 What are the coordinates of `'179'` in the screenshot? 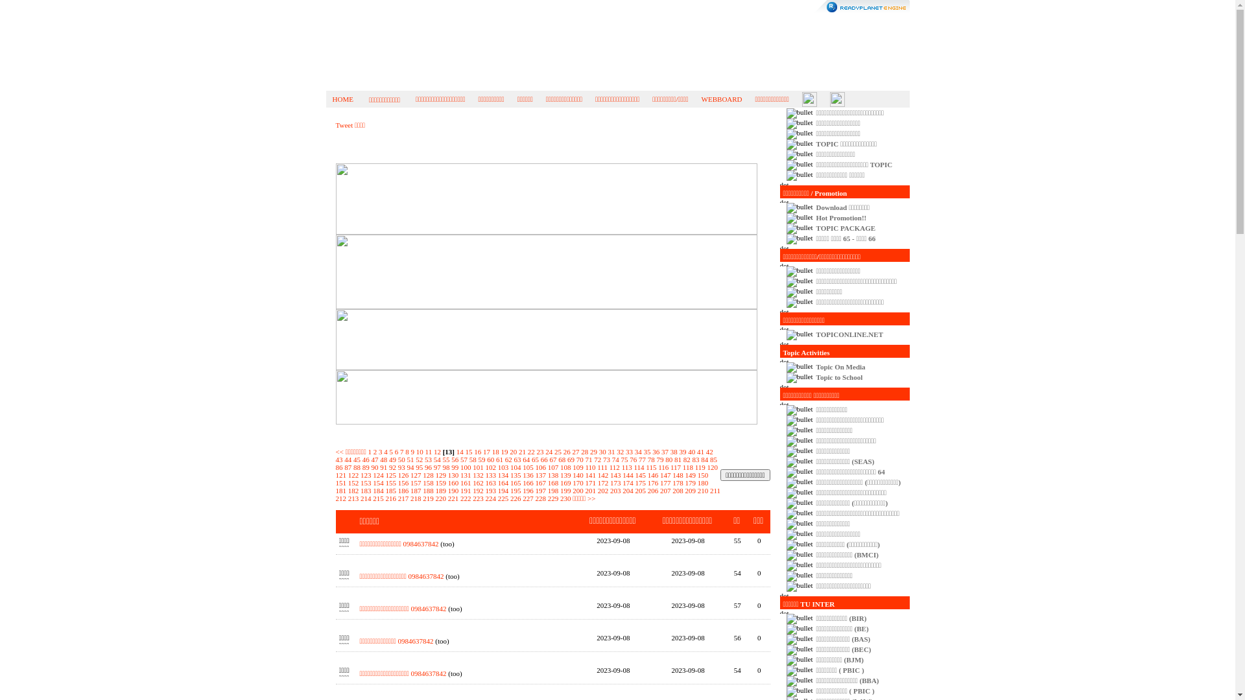 It's located at (689, 482).